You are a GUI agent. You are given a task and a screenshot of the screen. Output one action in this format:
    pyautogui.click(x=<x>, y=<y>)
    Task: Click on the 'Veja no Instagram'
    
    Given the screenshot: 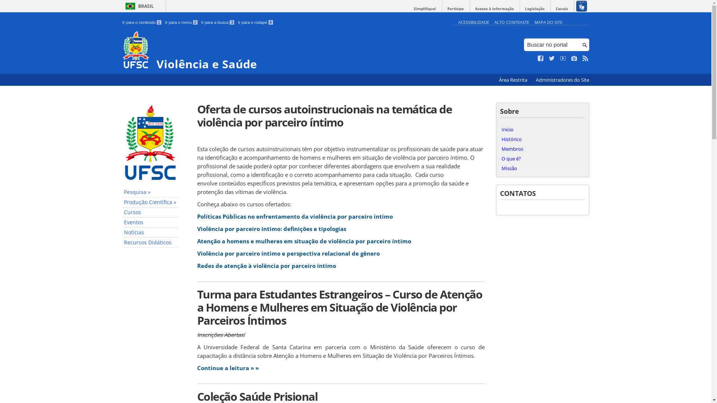 What is the action you would take?
    pyautogui.click(x=574, y=58)
    